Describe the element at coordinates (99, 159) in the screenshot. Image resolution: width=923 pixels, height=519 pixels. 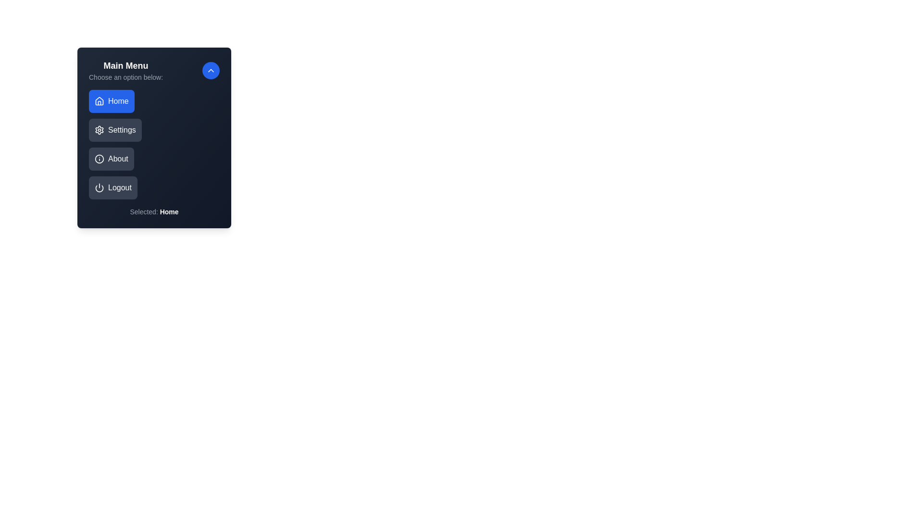
I see `the circular icon within the 'About' menu item, which is the third option in the vertical list` at that location.